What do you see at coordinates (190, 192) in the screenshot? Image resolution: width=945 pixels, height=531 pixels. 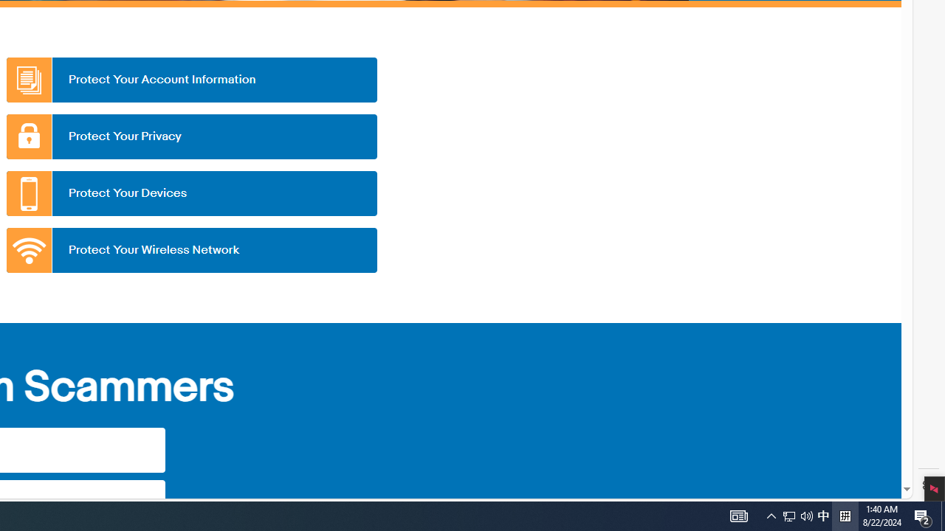 I see `'Protect Your Devices'` at bounding box center [190, 192].